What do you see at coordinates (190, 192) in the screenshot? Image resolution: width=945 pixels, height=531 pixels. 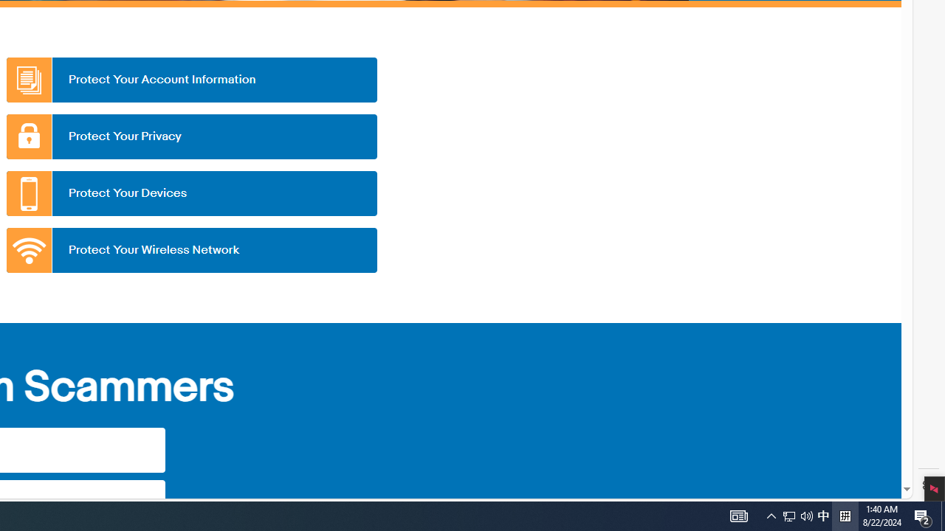 I see `'Protect Your Devices'` at bounding box center [190, 192].